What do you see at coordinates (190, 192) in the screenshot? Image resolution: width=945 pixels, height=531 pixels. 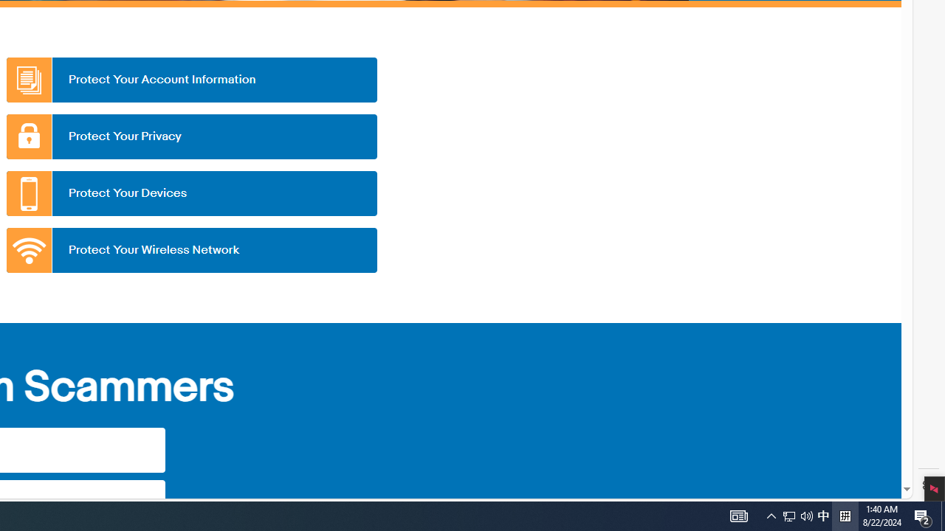 I see `'Protect Your Devices'` at bounding box center [190, 192].